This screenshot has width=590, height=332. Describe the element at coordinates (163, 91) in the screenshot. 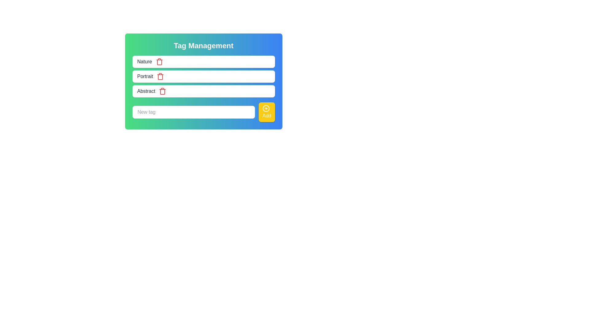

I see `the tag labeled 'Abstract' by clicking the corresponding 'Trash' icon` at that location.